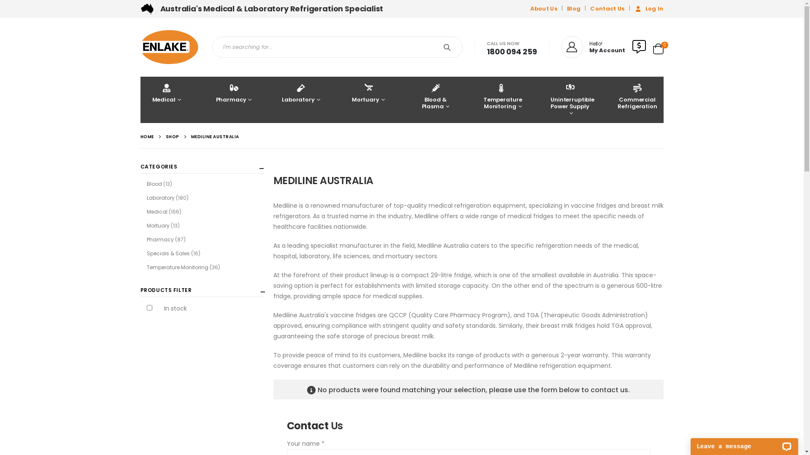  What do you see at coordinates (140, 99) in the screenshot?
I see `'Medical'` at bounding box center [140, 99].